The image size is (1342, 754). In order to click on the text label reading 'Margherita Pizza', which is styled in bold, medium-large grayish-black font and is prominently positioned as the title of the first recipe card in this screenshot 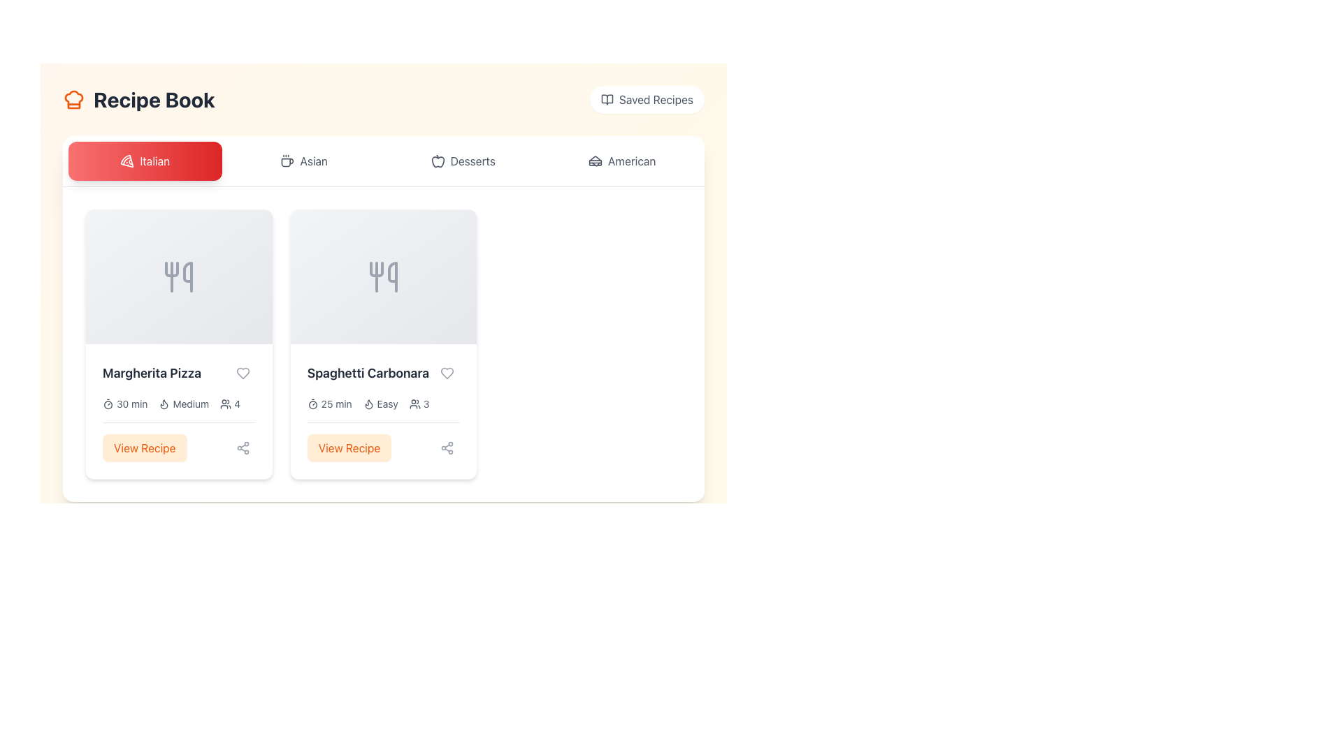, I will do `click(152, 373)`.